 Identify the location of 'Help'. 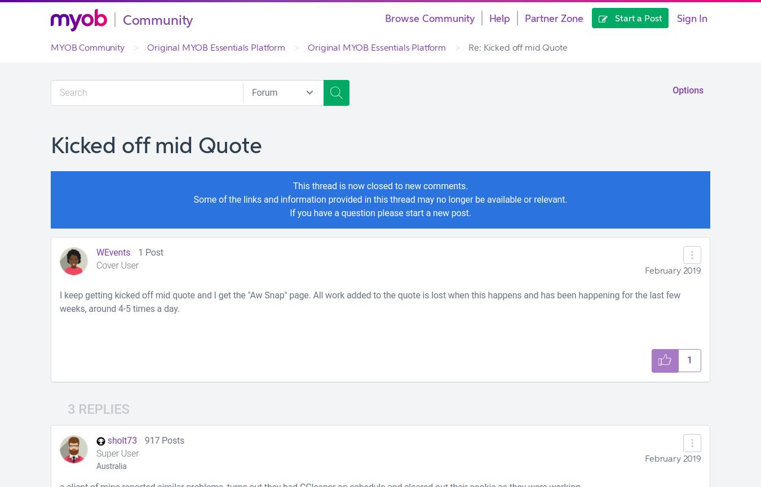
(499, 18).